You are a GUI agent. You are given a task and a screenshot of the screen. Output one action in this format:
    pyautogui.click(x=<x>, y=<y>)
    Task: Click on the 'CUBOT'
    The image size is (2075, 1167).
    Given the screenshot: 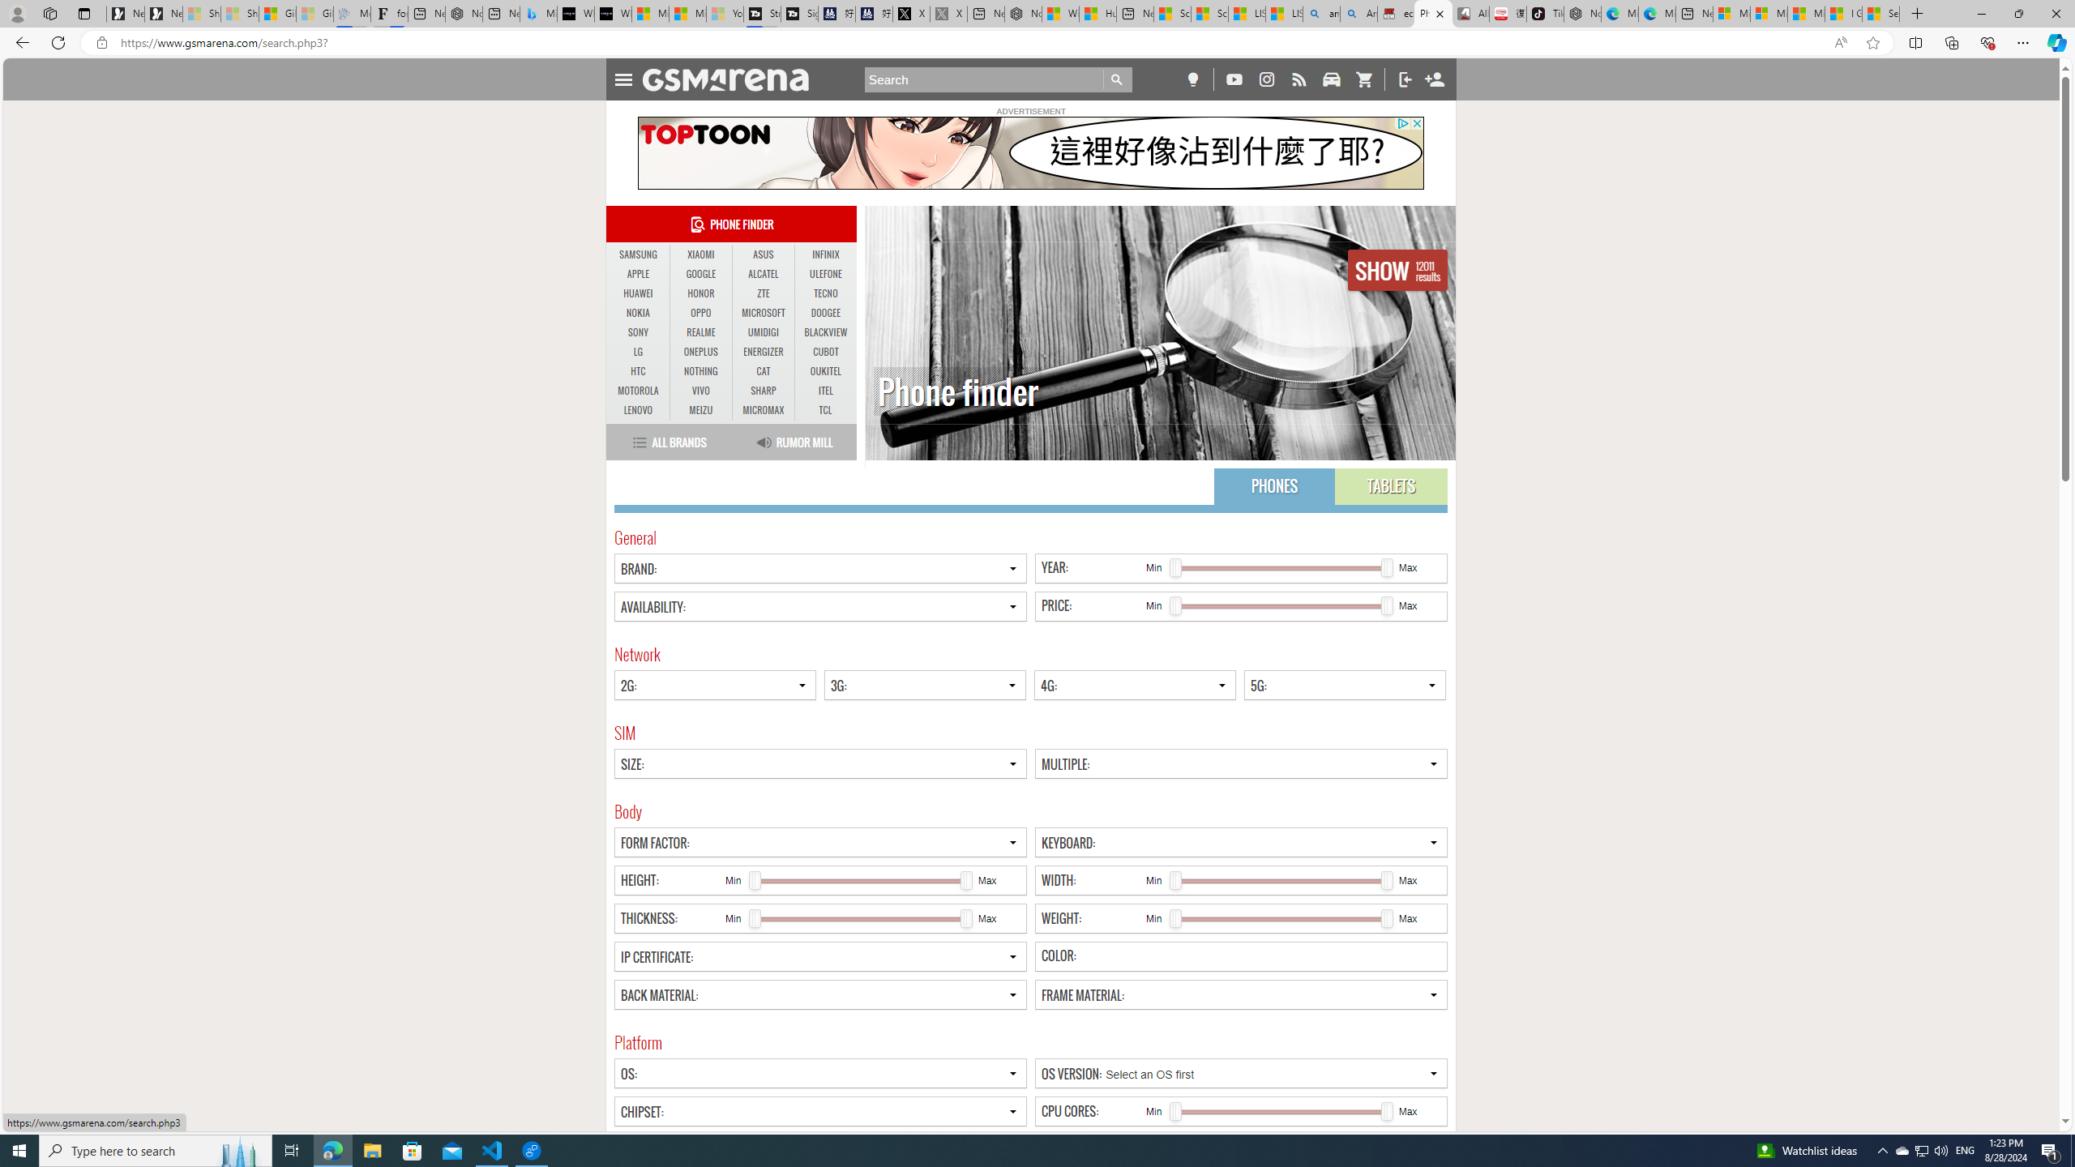 What is the action you would take?
    pyautogui.click(x=825, y=351)
    